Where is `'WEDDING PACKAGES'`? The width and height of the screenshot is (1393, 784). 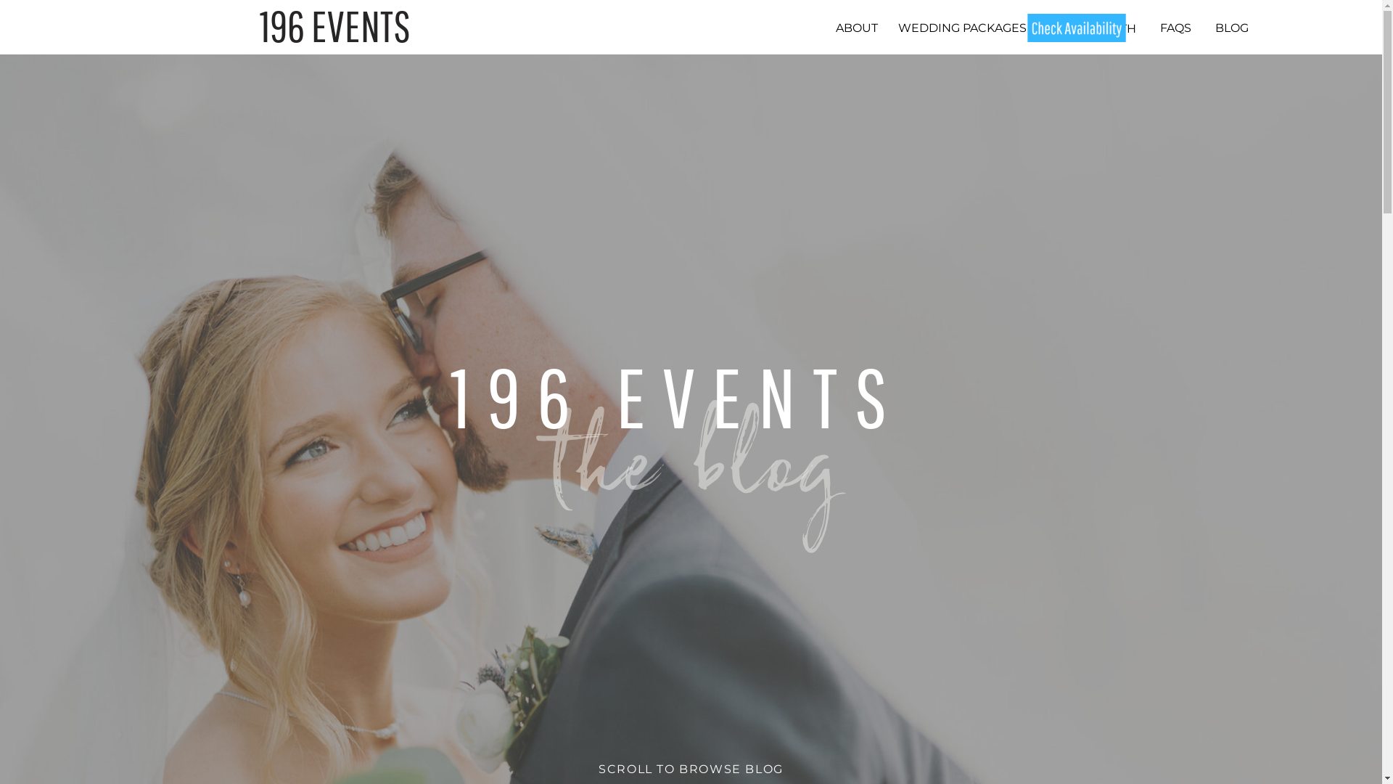
'WEDDING PACKAGES' is located at coordinates (962, 28).